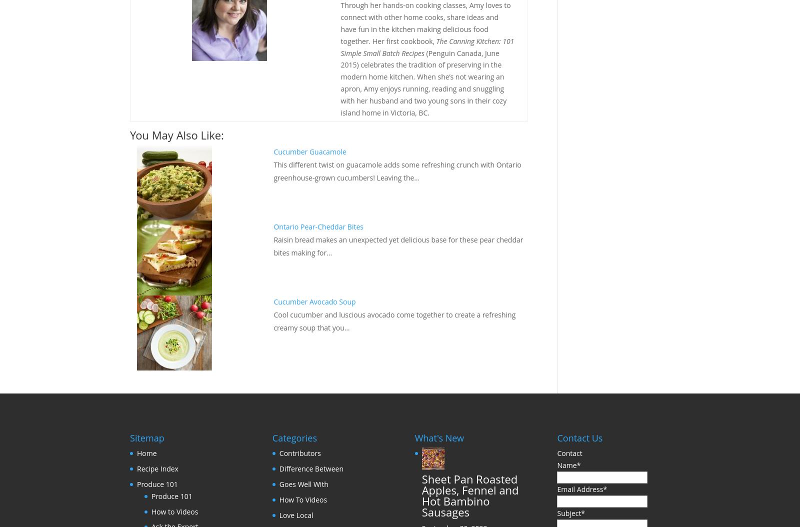 This screenshot has height=527, width=800. What do you see at coordinates (421, 495) in the screenshot?
I see `'Sheet Pan Roasted Apples, Fennel and Hot Bambino Sausages'` at bounding box center [421, 495].